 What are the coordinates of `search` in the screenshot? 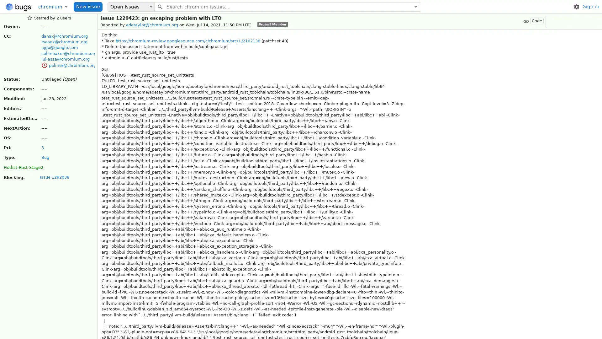 It's located at (160, 6).